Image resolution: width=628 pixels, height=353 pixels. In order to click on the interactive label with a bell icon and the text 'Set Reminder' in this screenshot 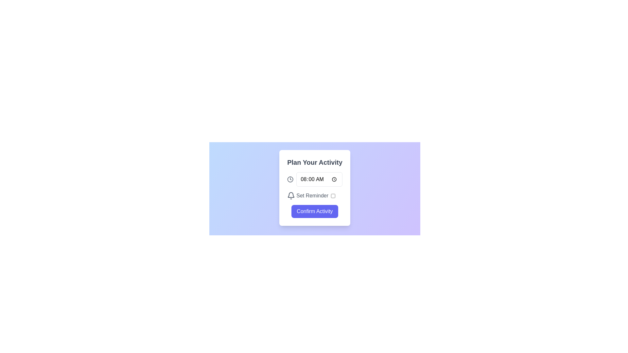, I will do `click(307, 195)`.